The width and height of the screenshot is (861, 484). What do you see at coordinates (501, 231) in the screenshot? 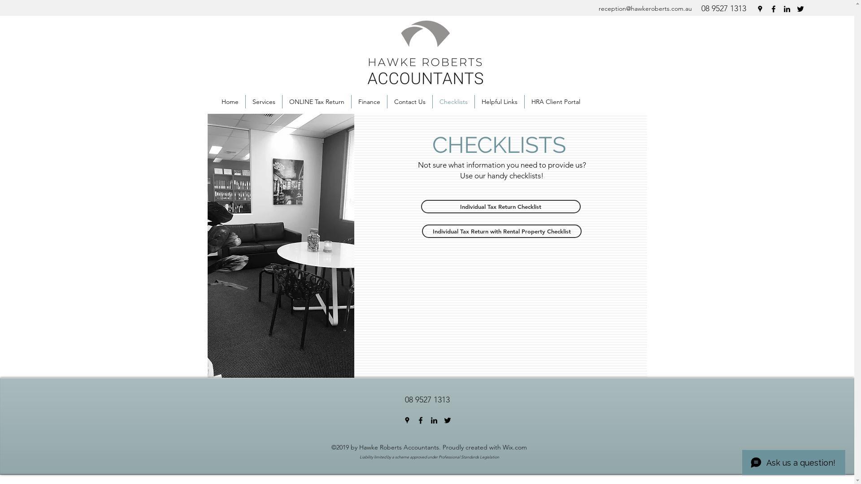
I see `'Individual Tax Return with Rental Property Checklist'` at bounding box center [501, 231].